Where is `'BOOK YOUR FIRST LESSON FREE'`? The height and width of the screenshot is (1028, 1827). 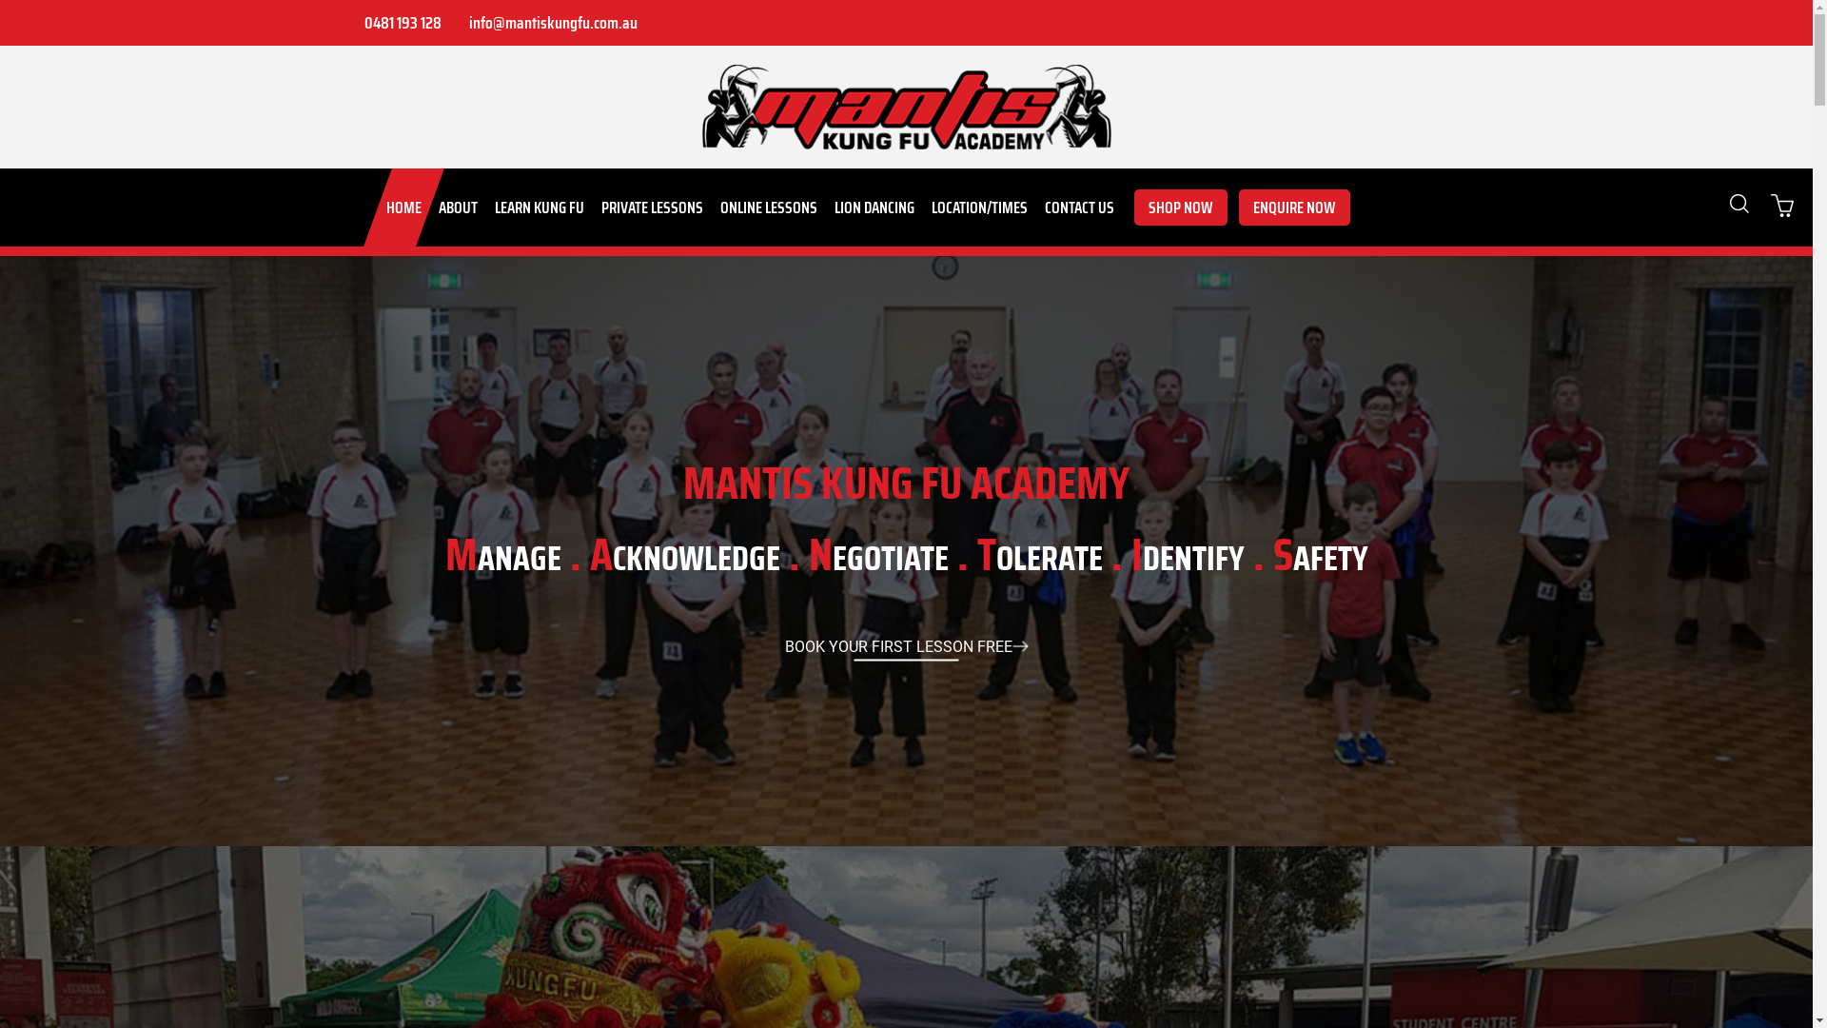
'BOOK YOUR FIRST LESSON FREE' is located at coordinates (905, 645).